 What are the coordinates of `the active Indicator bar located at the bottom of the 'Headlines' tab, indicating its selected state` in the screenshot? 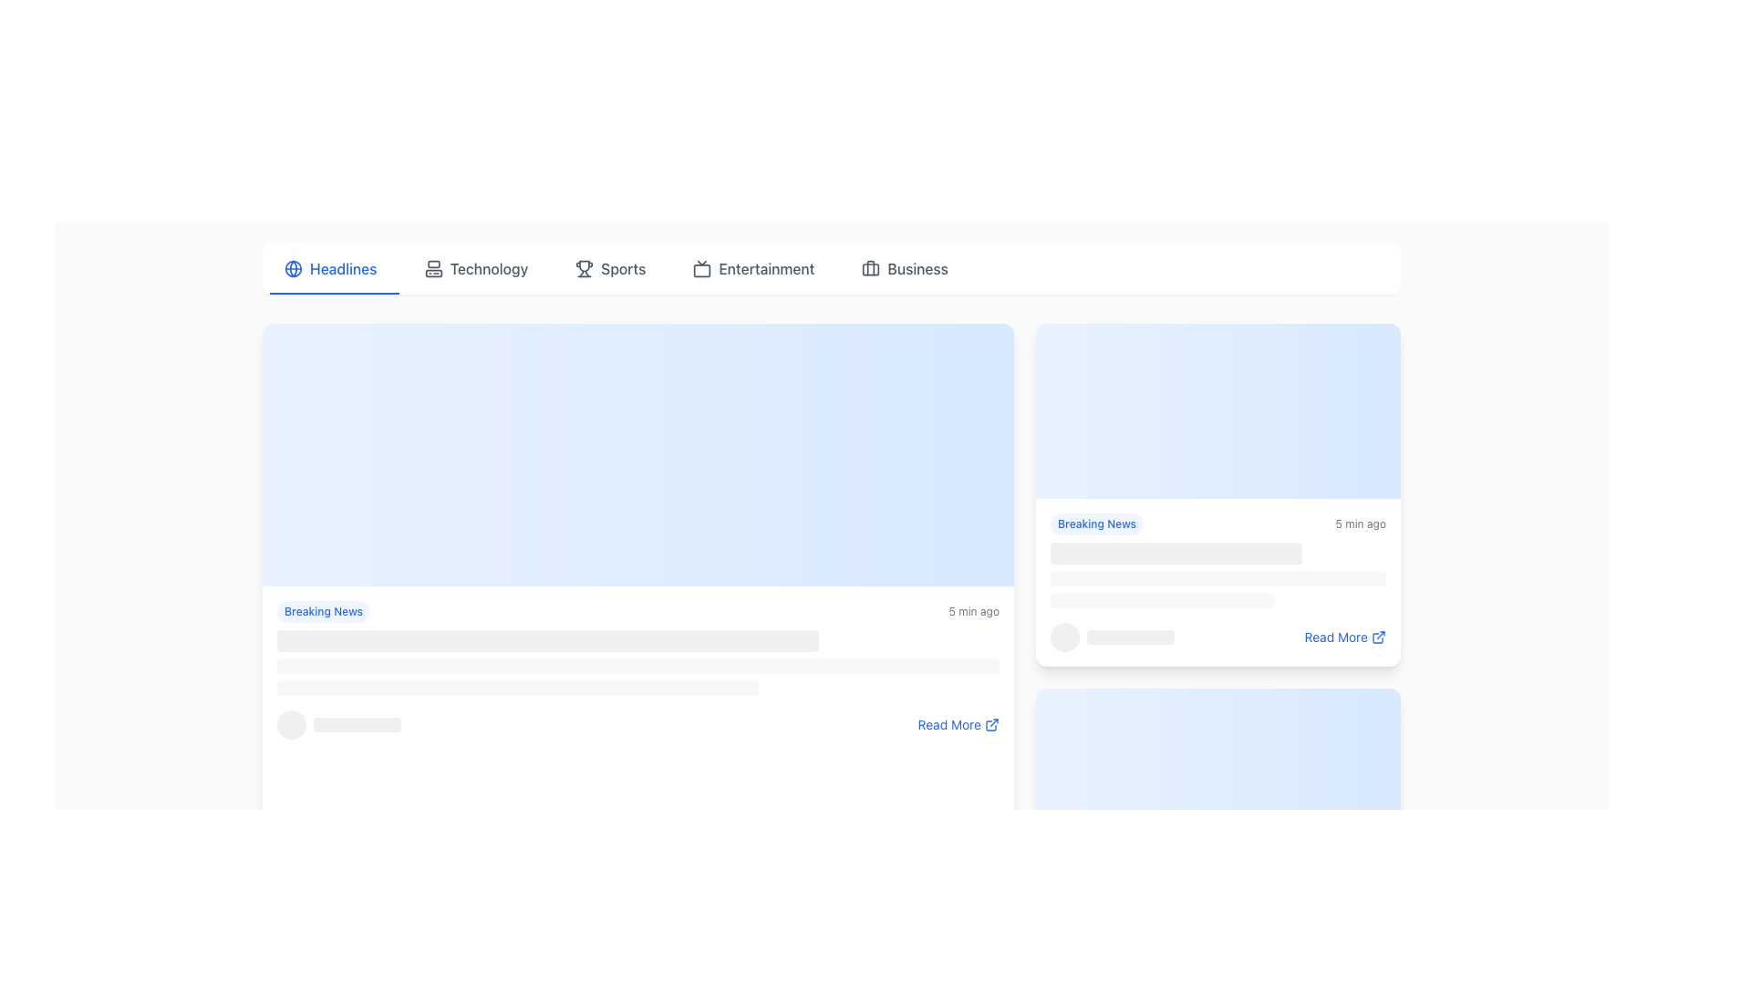 It's located at (334, 292).